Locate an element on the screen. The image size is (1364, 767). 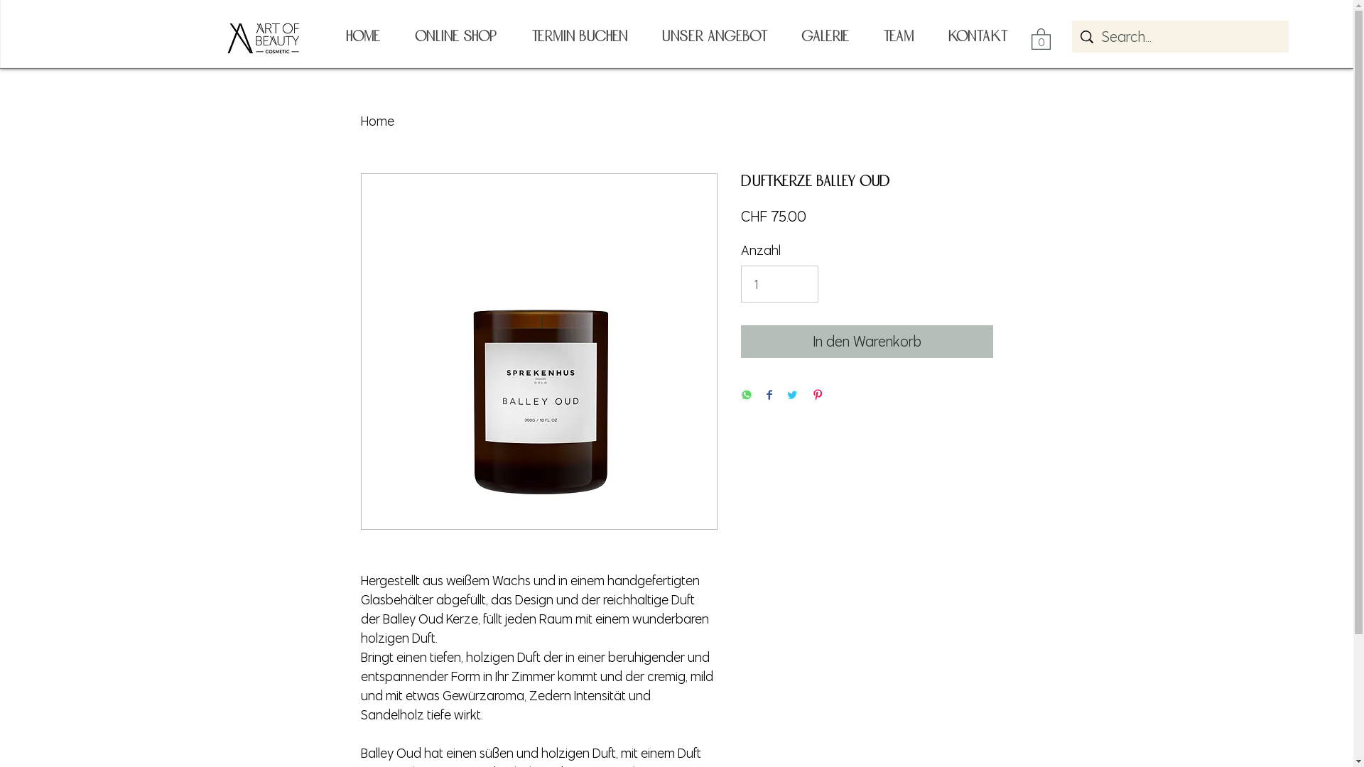
'KONTAKT' is located at coordinates (977, 36).